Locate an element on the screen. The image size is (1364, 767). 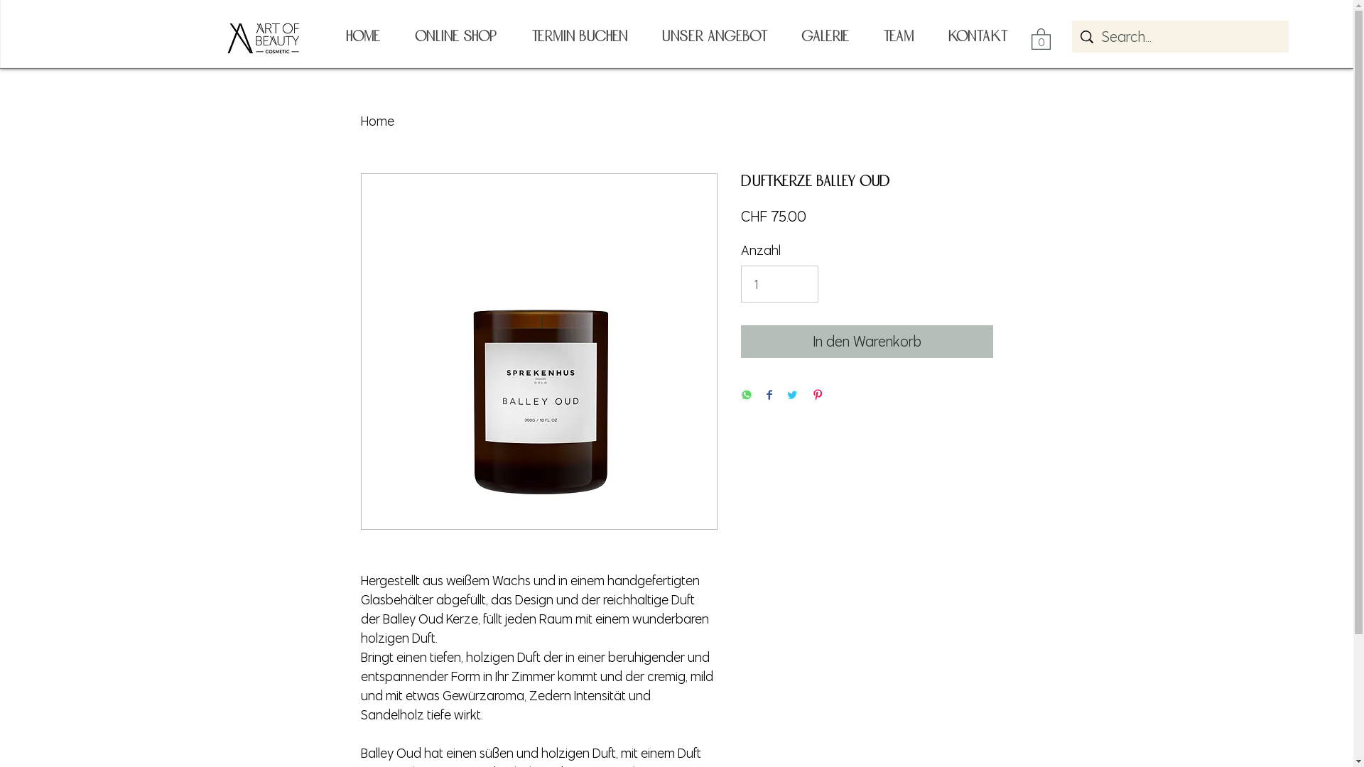
'KONTAKT' is located at coordinates (977, 36).